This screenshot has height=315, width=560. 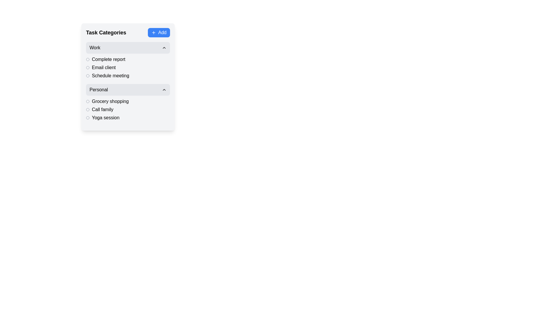 What do you see at coordinates (127, 102) in the screenshot?
I see `the 'Personal' expandable list` at bounding box center [127, 102].